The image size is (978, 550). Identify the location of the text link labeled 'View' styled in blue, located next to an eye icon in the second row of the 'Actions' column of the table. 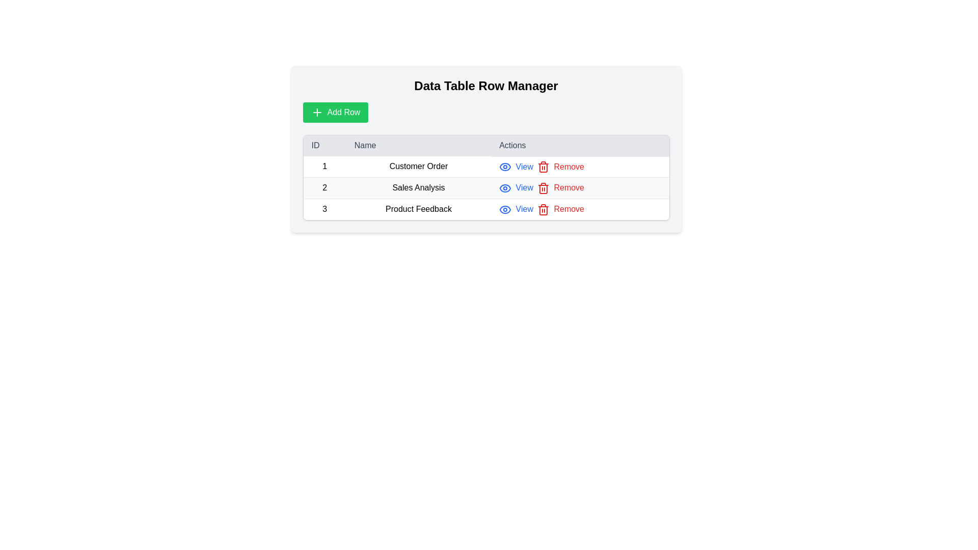
(516, 166).